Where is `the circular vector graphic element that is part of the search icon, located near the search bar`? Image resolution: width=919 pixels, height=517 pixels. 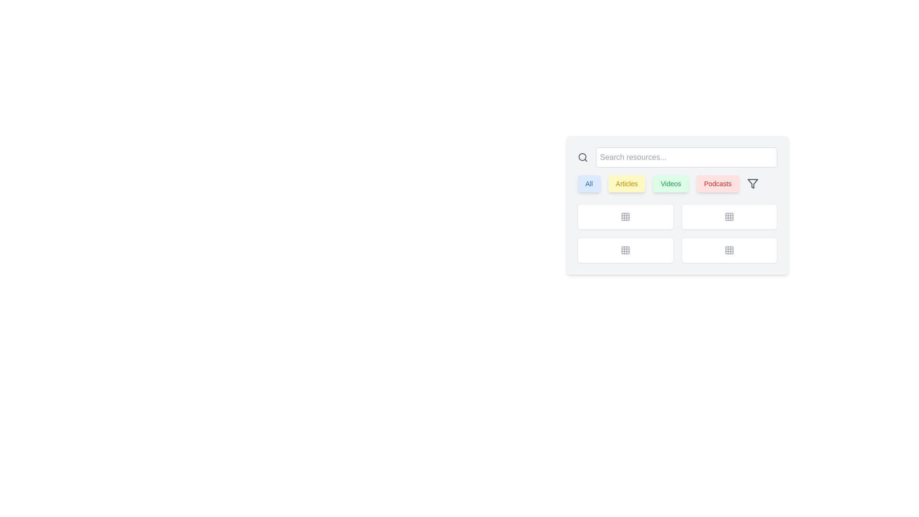
the circular vector graphic element that is part of the search icon, located near the search bar is located at coordinates (582, 157).